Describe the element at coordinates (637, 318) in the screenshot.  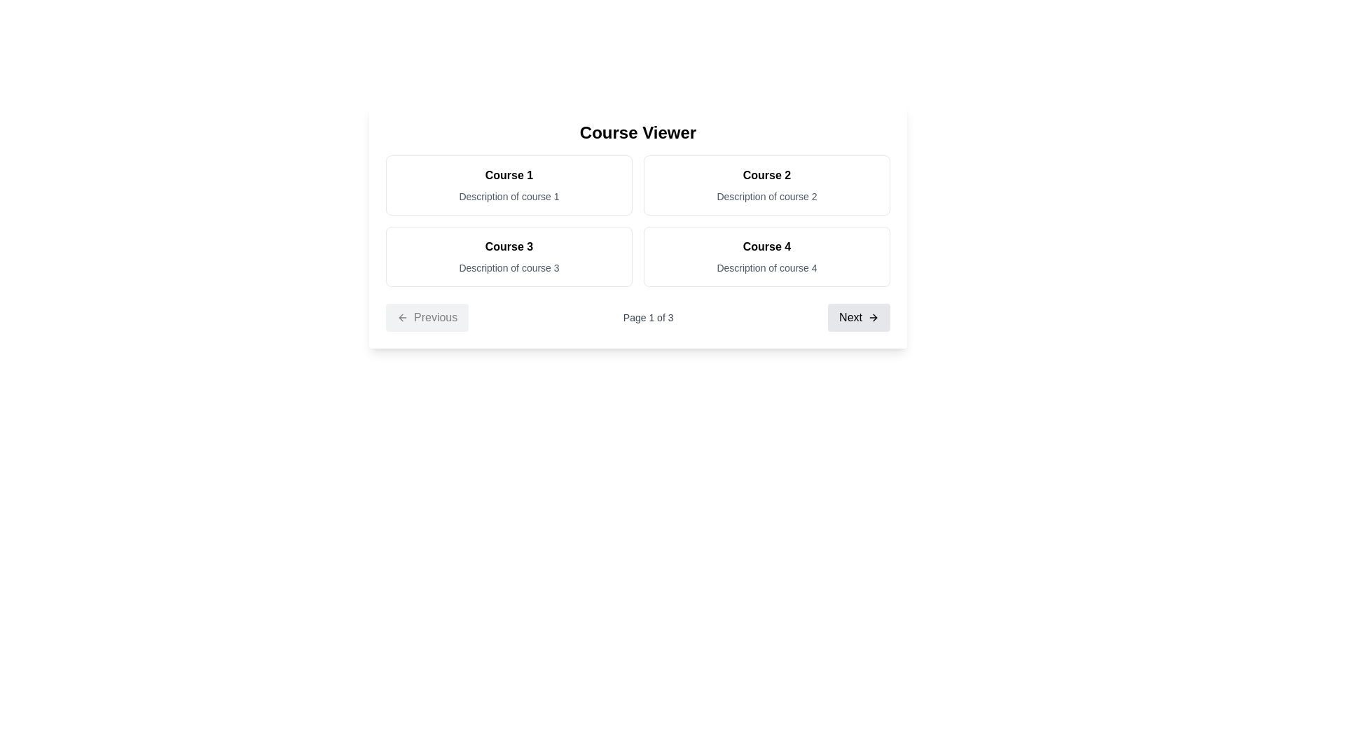
I see `the pagination label located centrally within the horizontal pagination bar at the bottom of the card, which indicates the current page number out of total pages` at that location.